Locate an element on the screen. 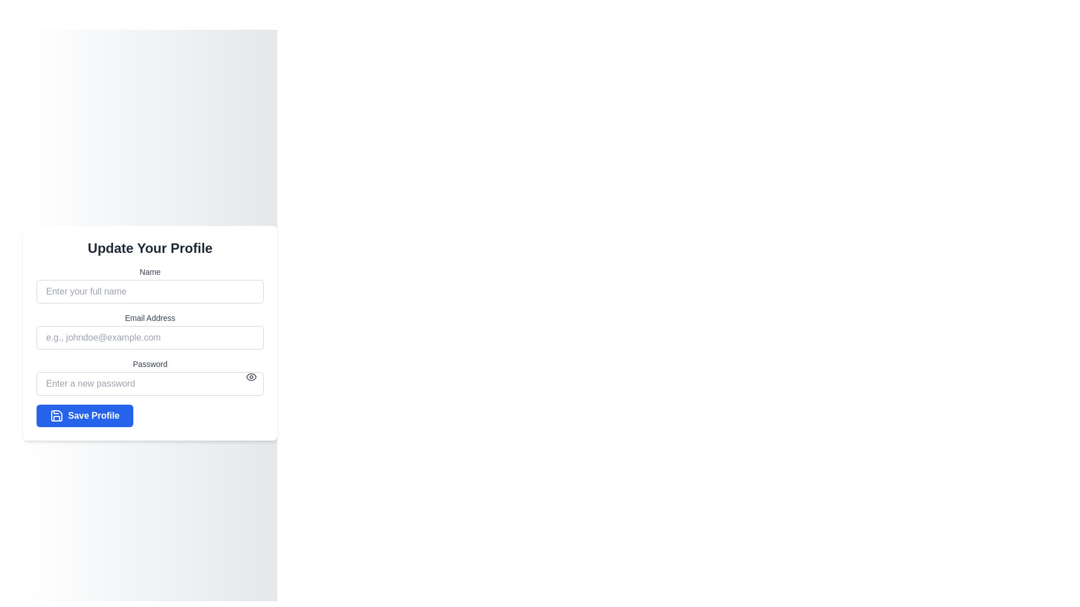 This screenshot has width=1080, height=607. the eye-shaped icon located inside the 'Password' input field to potentially display a tooltip is located at coordinates (250, 377).